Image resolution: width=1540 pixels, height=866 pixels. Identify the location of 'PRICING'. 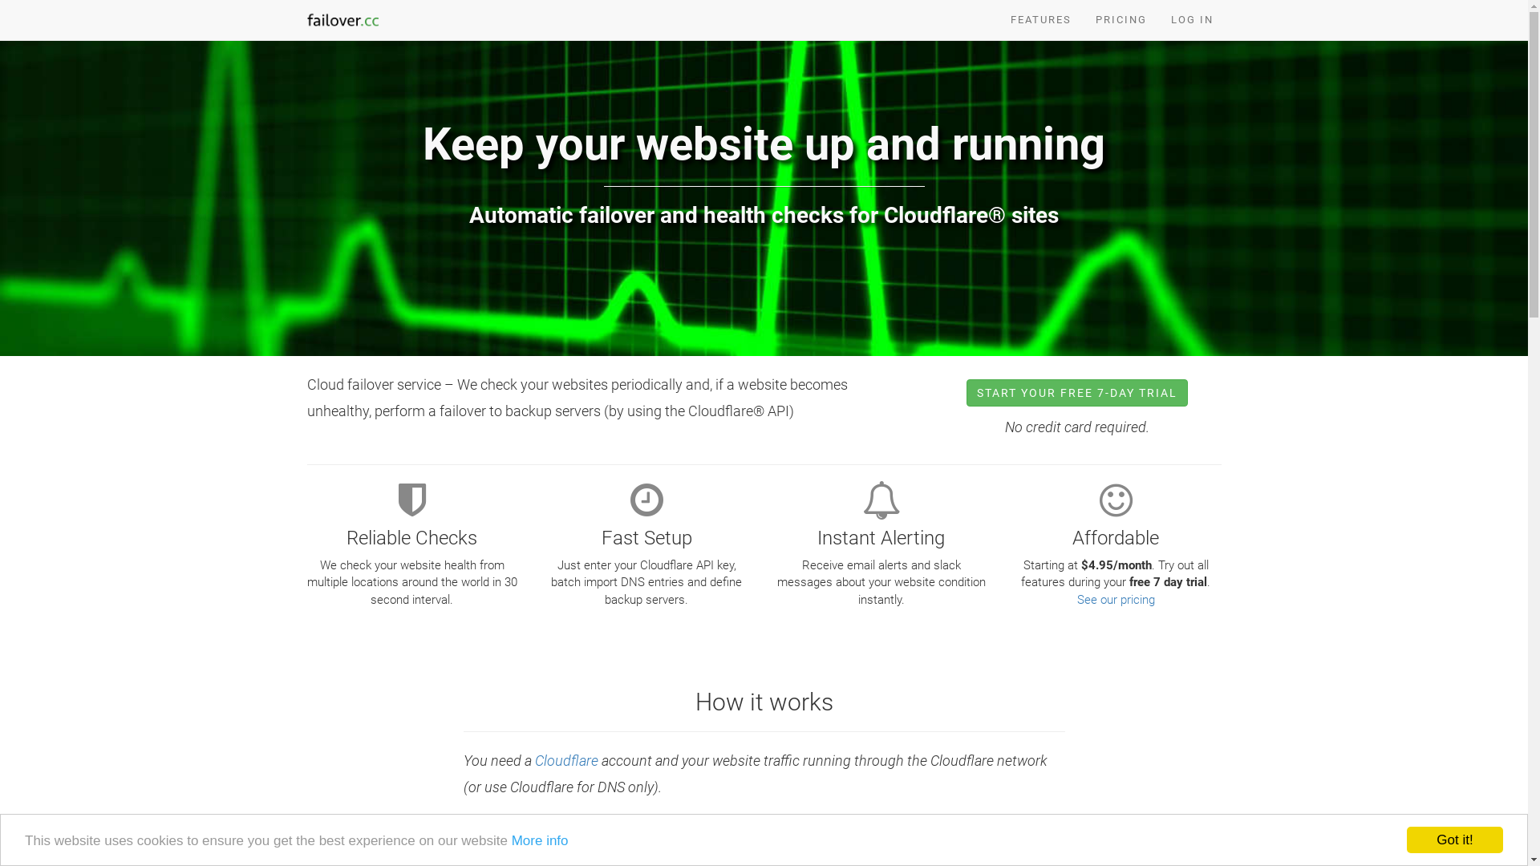
(1082, 19).